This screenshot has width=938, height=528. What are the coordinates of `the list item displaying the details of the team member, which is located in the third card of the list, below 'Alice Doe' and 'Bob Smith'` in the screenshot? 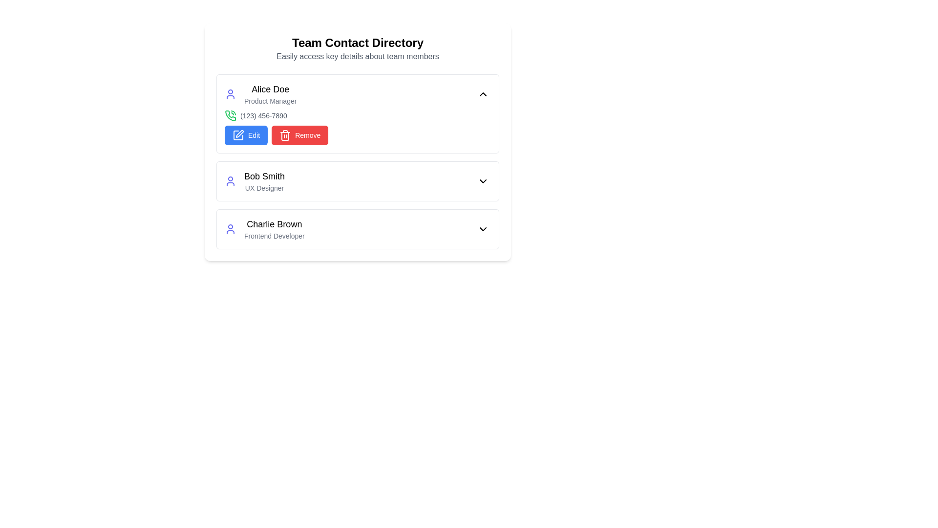 It's located at (357, 229).